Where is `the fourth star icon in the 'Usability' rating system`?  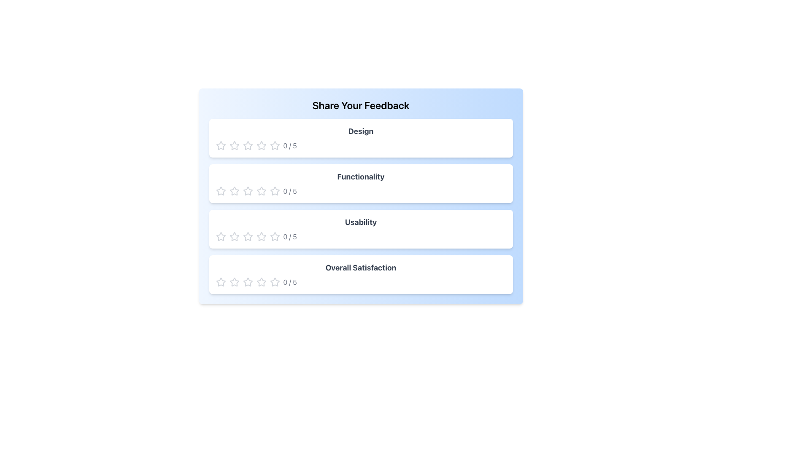
the fourth star icon in the 'Usability' rating system is located at coordinates (261, 237).